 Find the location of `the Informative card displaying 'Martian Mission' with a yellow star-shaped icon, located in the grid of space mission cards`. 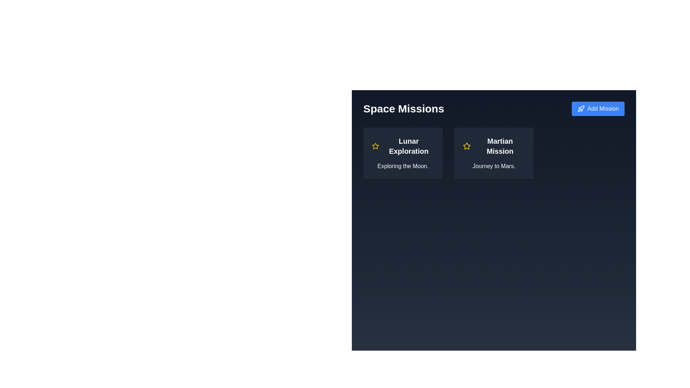

the Informative card displaying 'Martian Mission' with a yellow star-shaped icon, located in the grid of space mission cards is located at coordinates (493, 153).